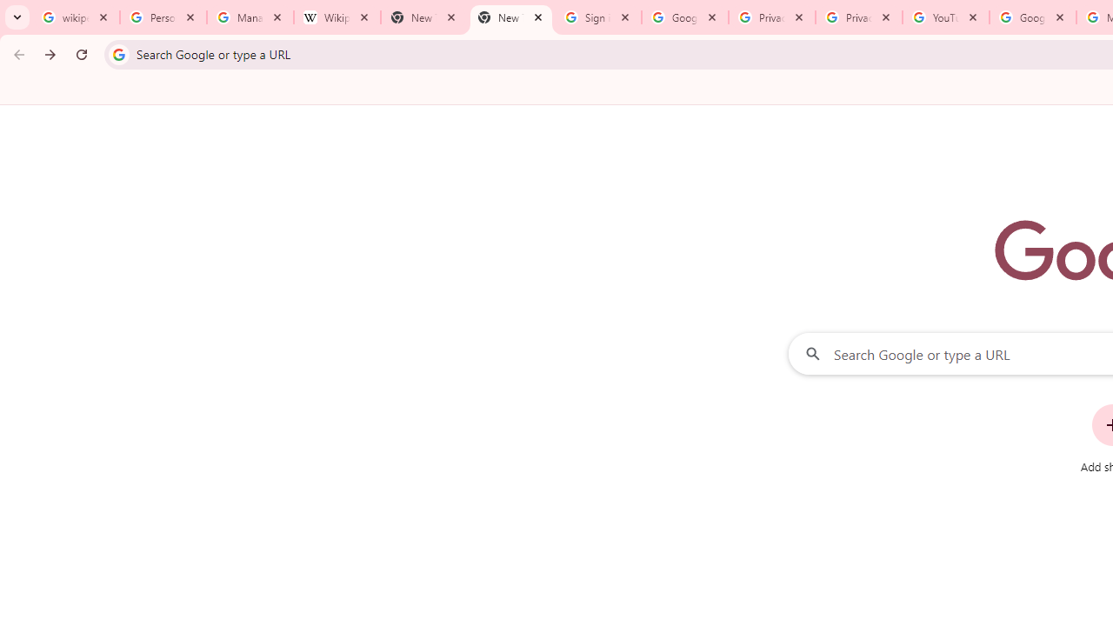 The height and width of the screenshot is (626, 1113). I want to click on 'New Tab', so click(510, 17).